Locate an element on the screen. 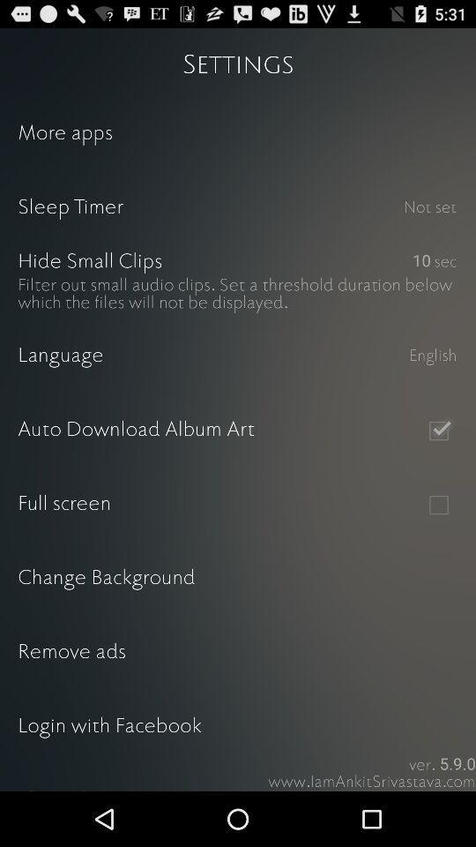  icon above the login with facebook is located at coordinates (238, 652).